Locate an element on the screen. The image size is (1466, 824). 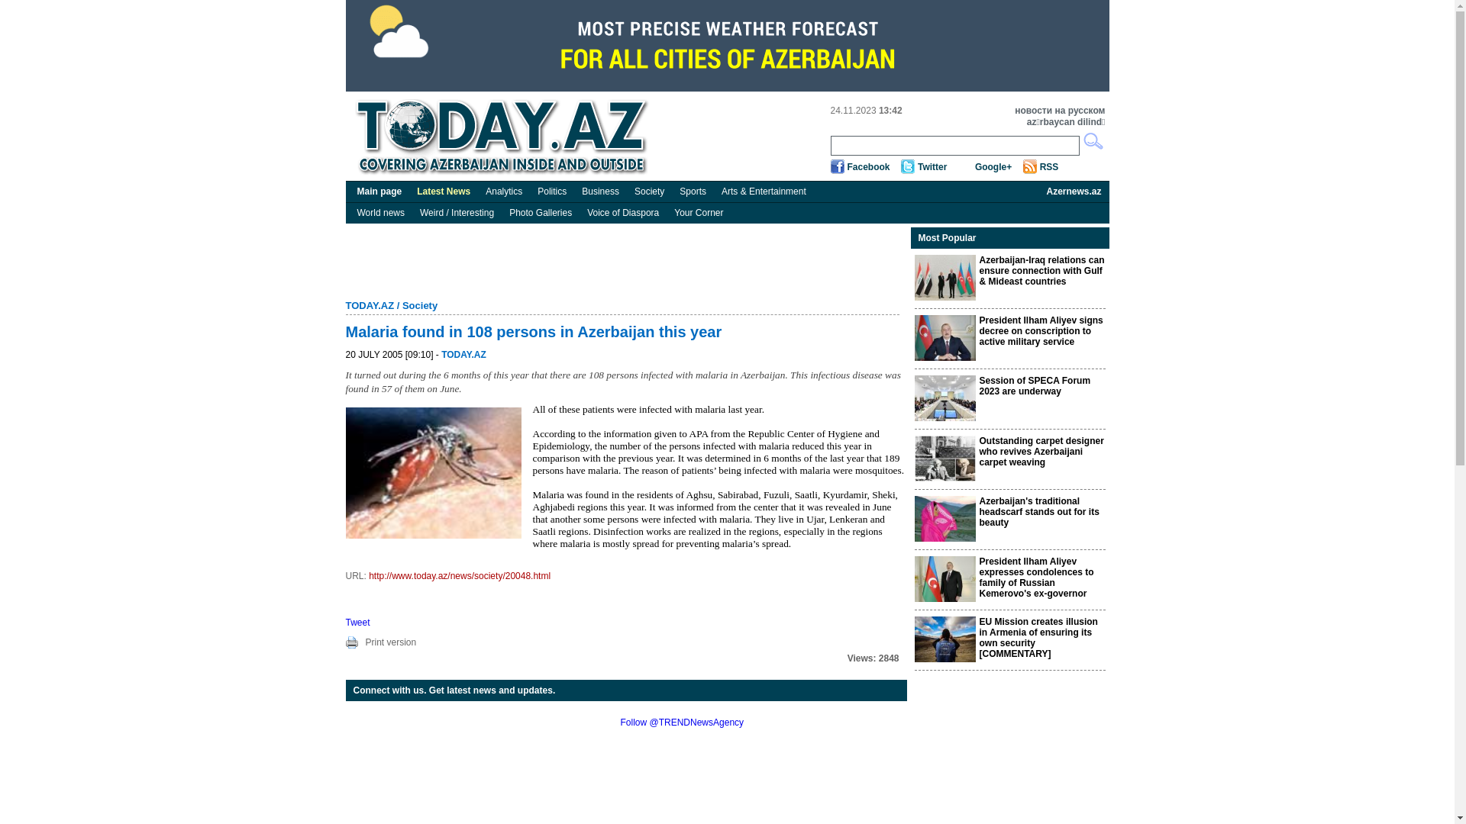
'Sports' is located at coordinates (671, 190).